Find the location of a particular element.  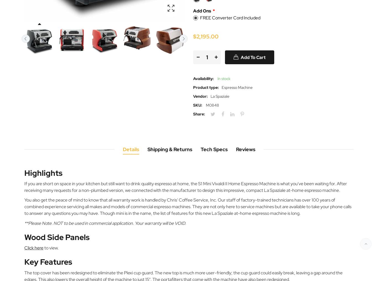

'In stock' is located at coordinates (223, 78).